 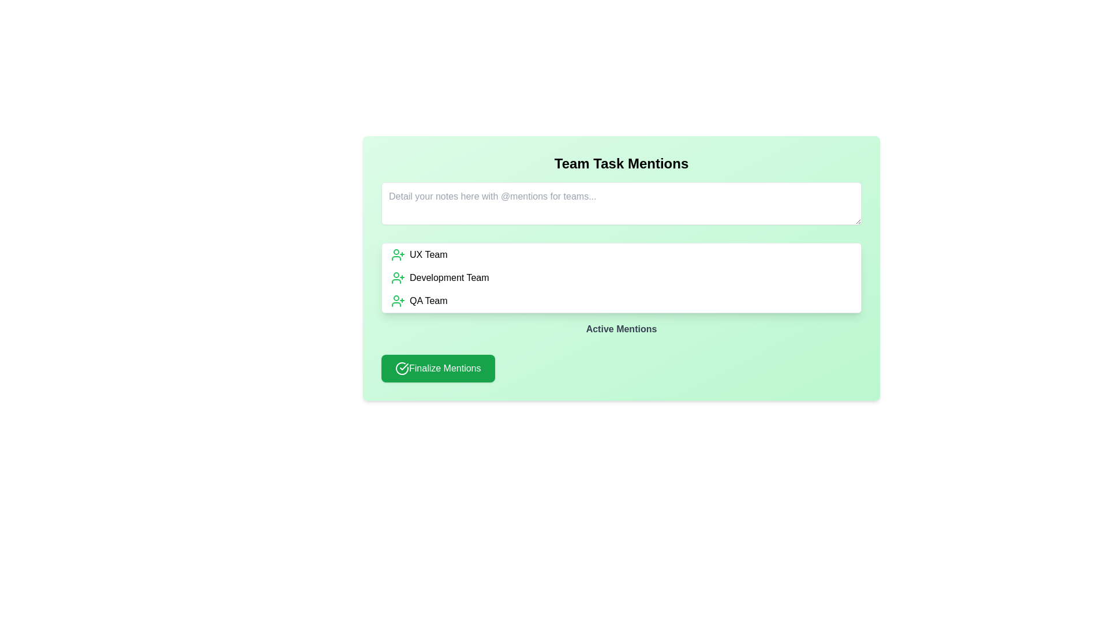 I want to click on the icon that signifies the action to add a user to the QA team group, located to the left of the 'QA Team' text, so click(x=398, y=300).